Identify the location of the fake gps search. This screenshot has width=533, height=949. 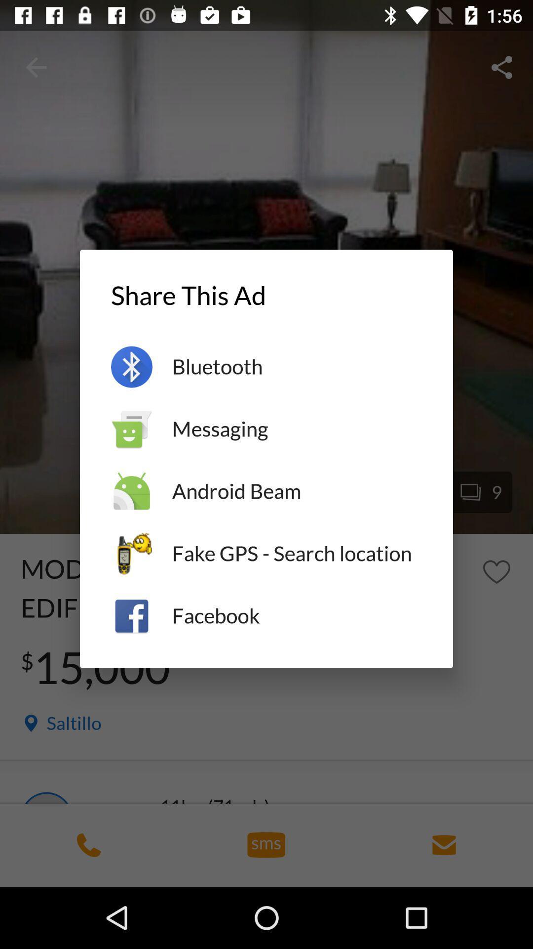
(296, 554).